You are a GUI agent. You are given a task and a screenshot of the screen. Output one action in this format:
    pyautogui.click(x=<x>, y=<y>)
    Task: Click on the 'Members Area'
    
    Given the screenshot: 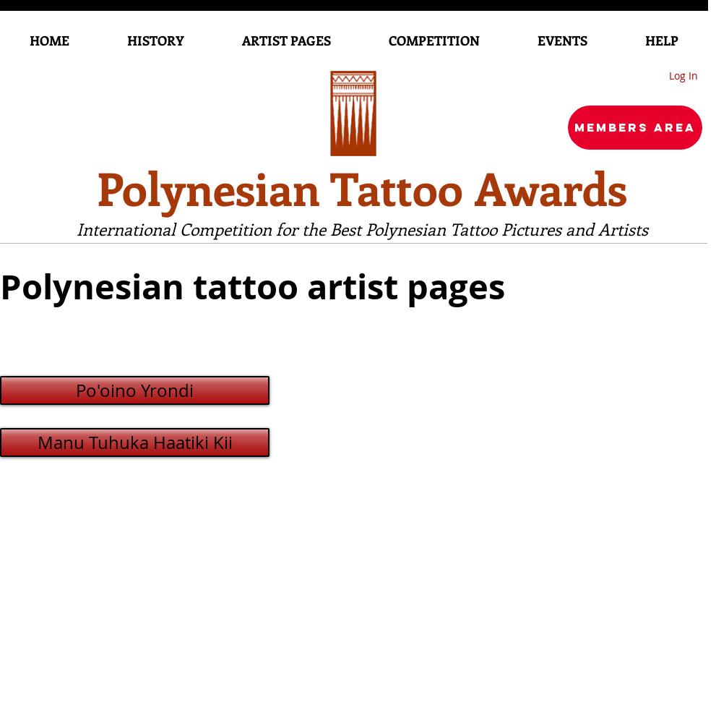 What is the action you would take?
    pyautogui.click(x=635, y=127)
    